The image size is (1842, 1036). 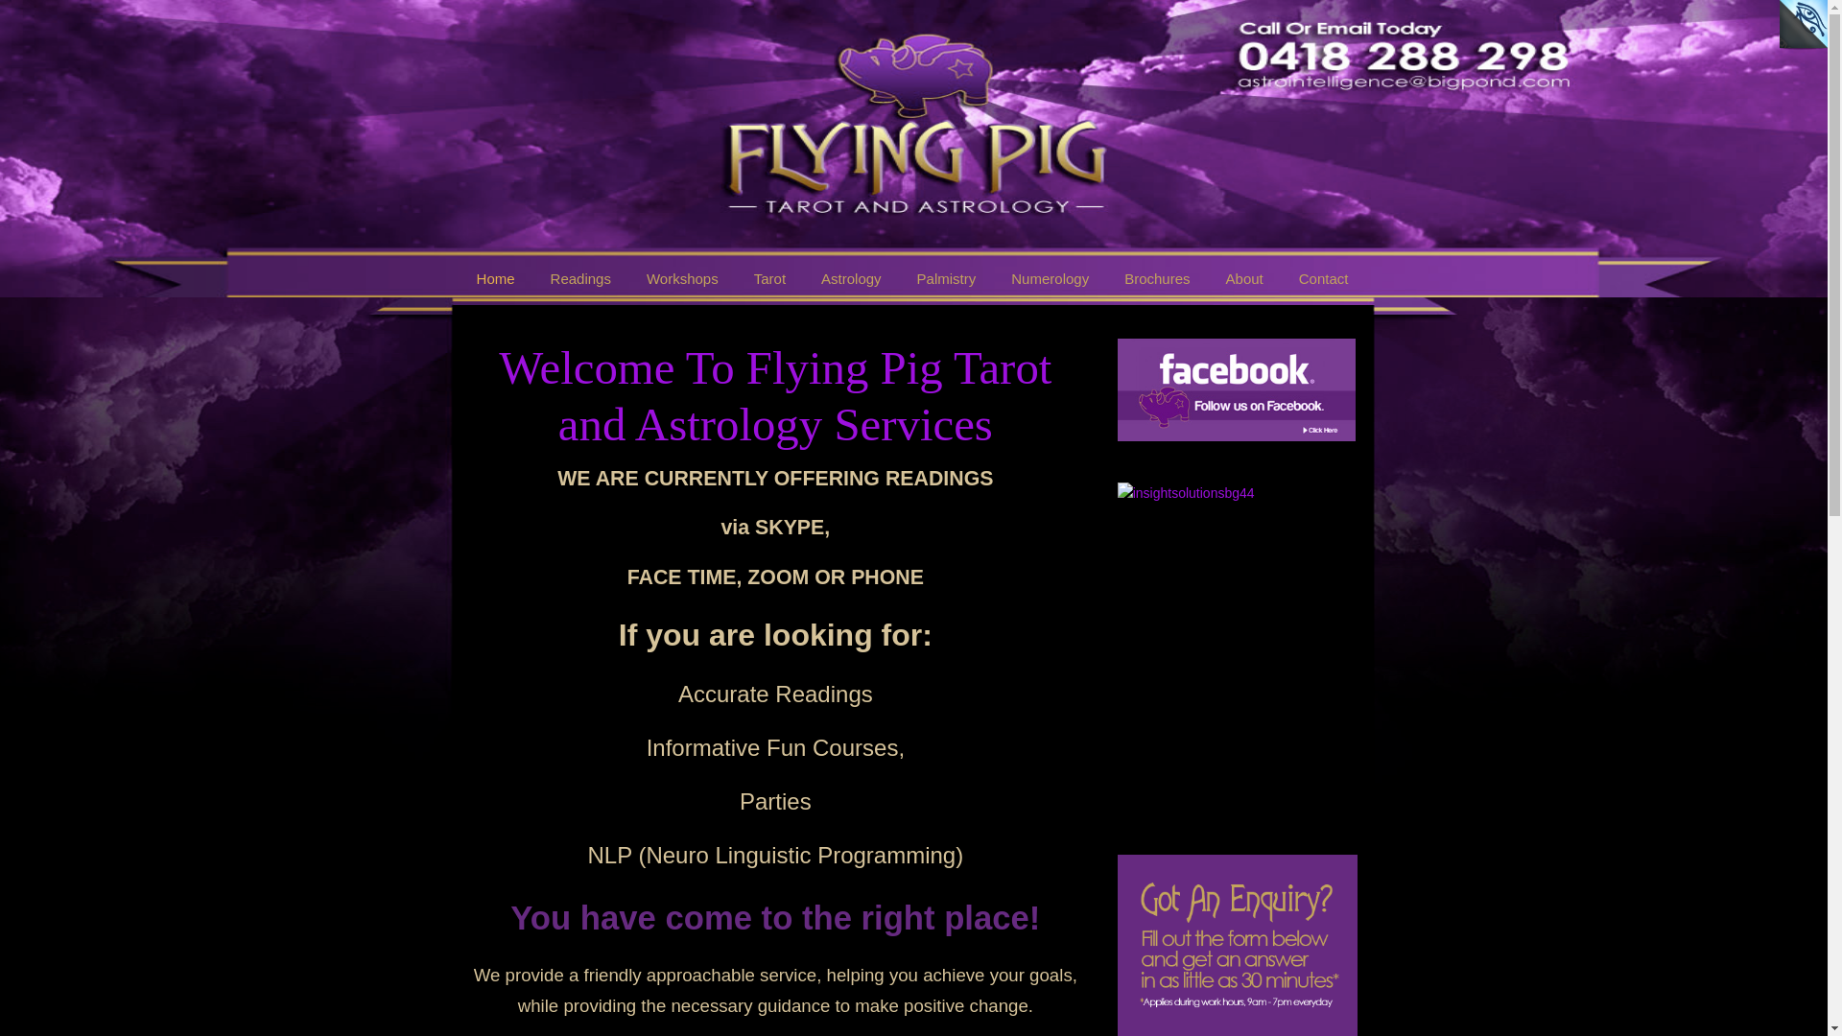 What do you see at coordinates (1049, 278) in the screenshot?
I see `'Numerology'` at bounding box center [1049, 278].